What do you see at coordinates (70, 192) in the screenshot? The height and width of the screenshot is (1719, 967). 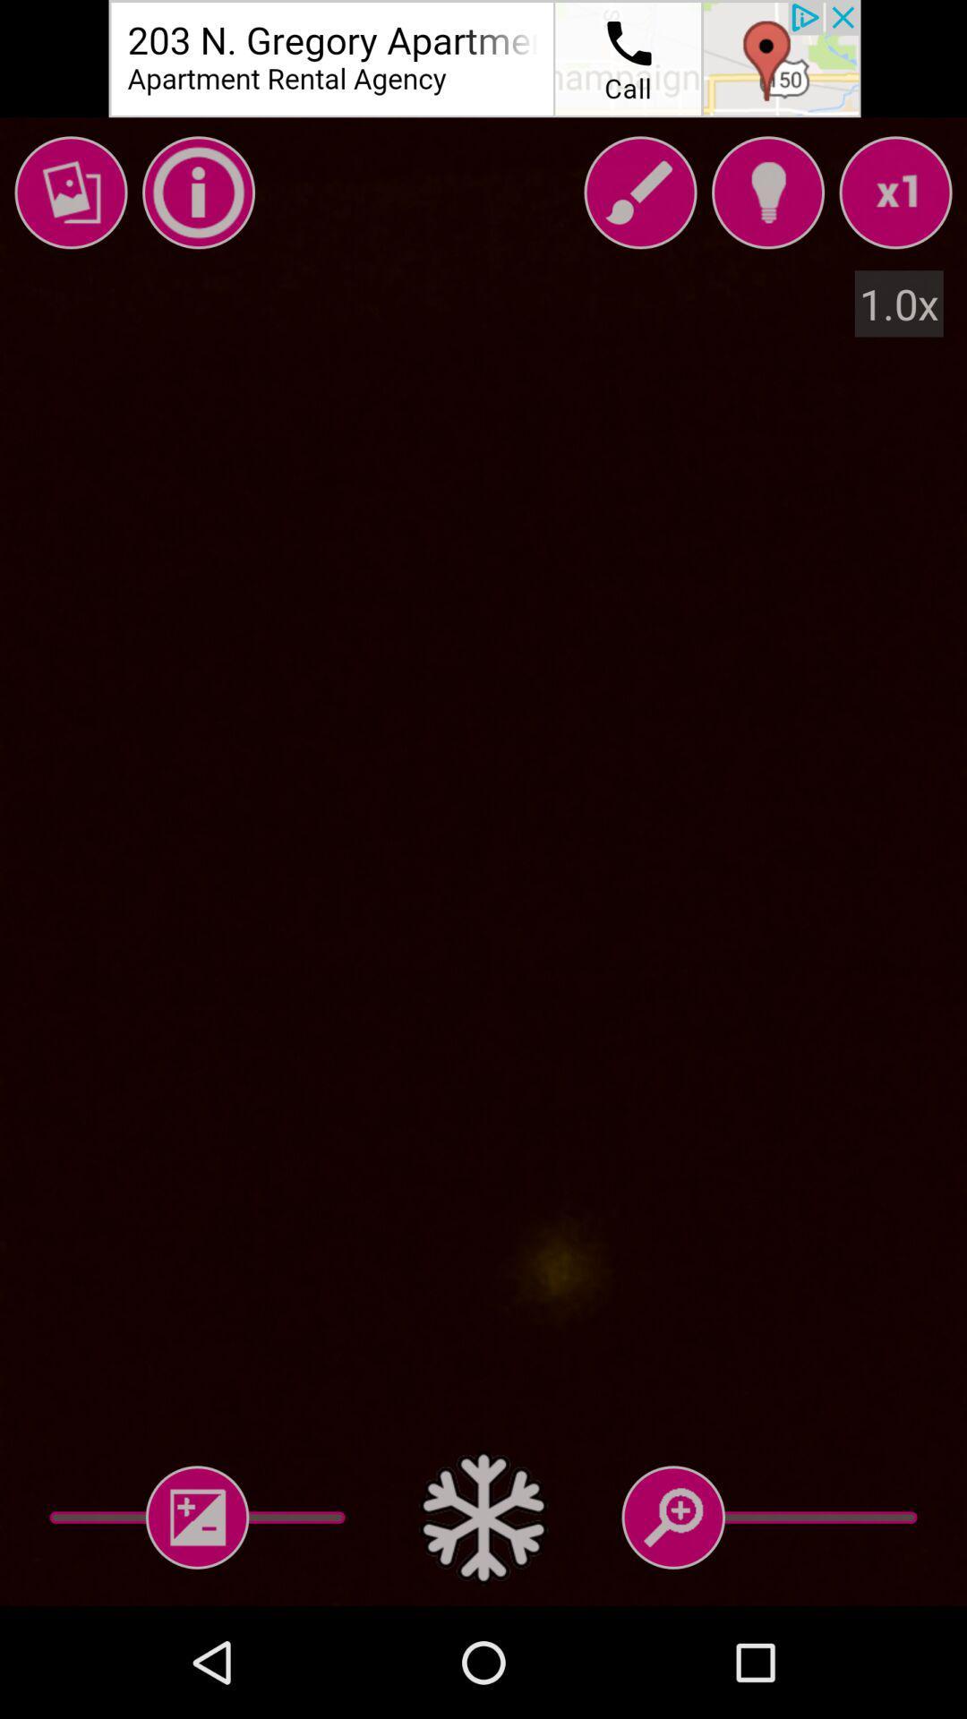 I see `the wallpaper icon` at bounding box center [70, 192].